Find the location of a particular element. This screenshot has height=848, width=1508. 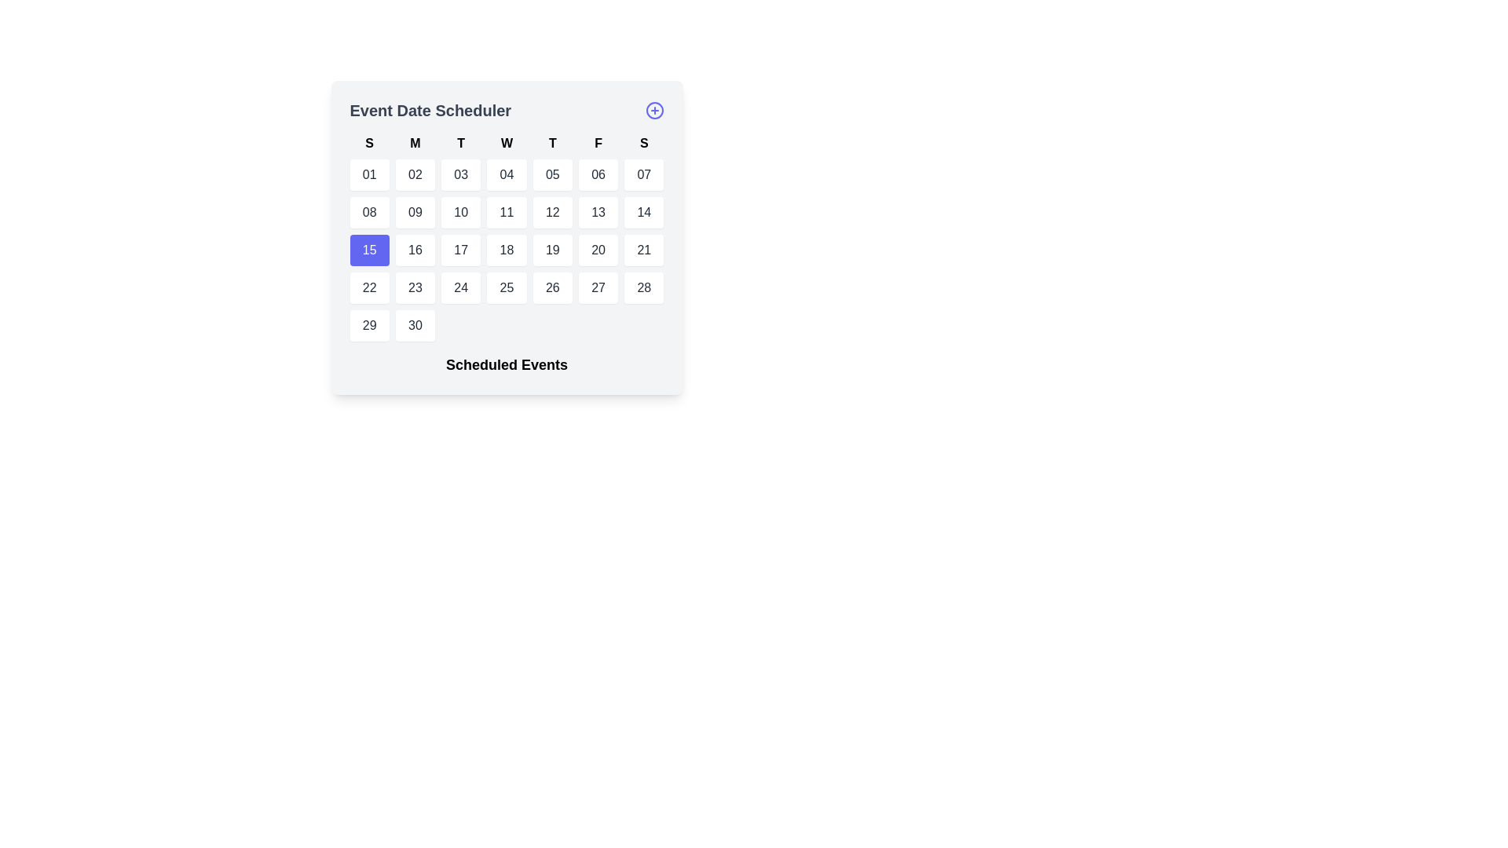

the calendar date button displaying '26' in the 'Event Date Scheduler' is located at coordinates (552, 287).